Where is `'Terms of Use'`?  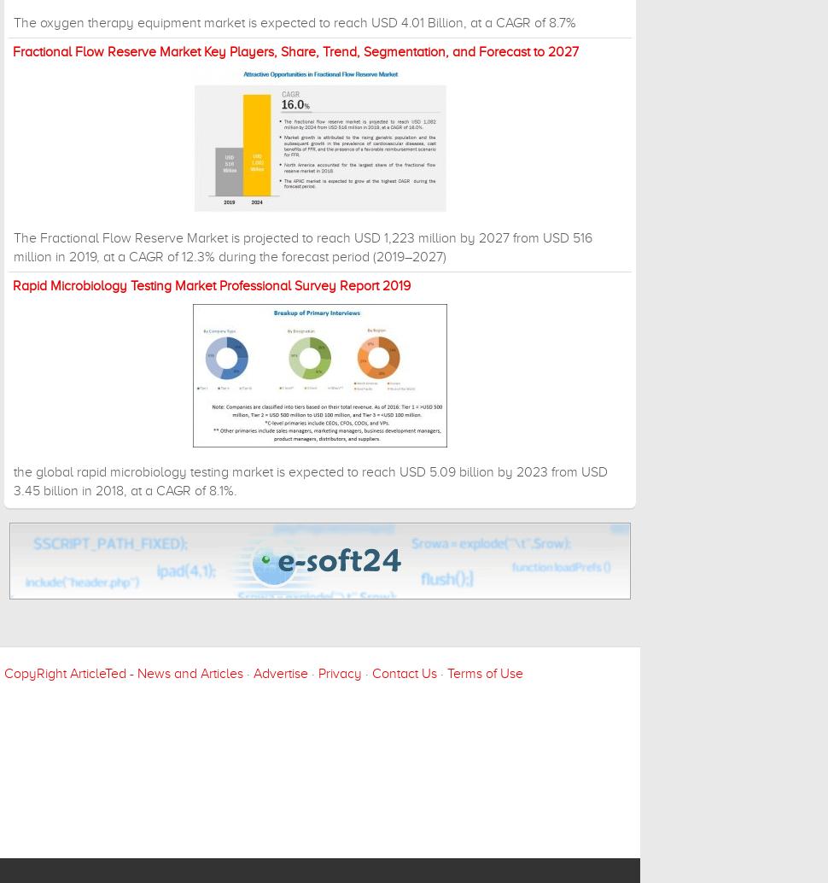
'Terms of Use' is located at coordinates (484, 672).